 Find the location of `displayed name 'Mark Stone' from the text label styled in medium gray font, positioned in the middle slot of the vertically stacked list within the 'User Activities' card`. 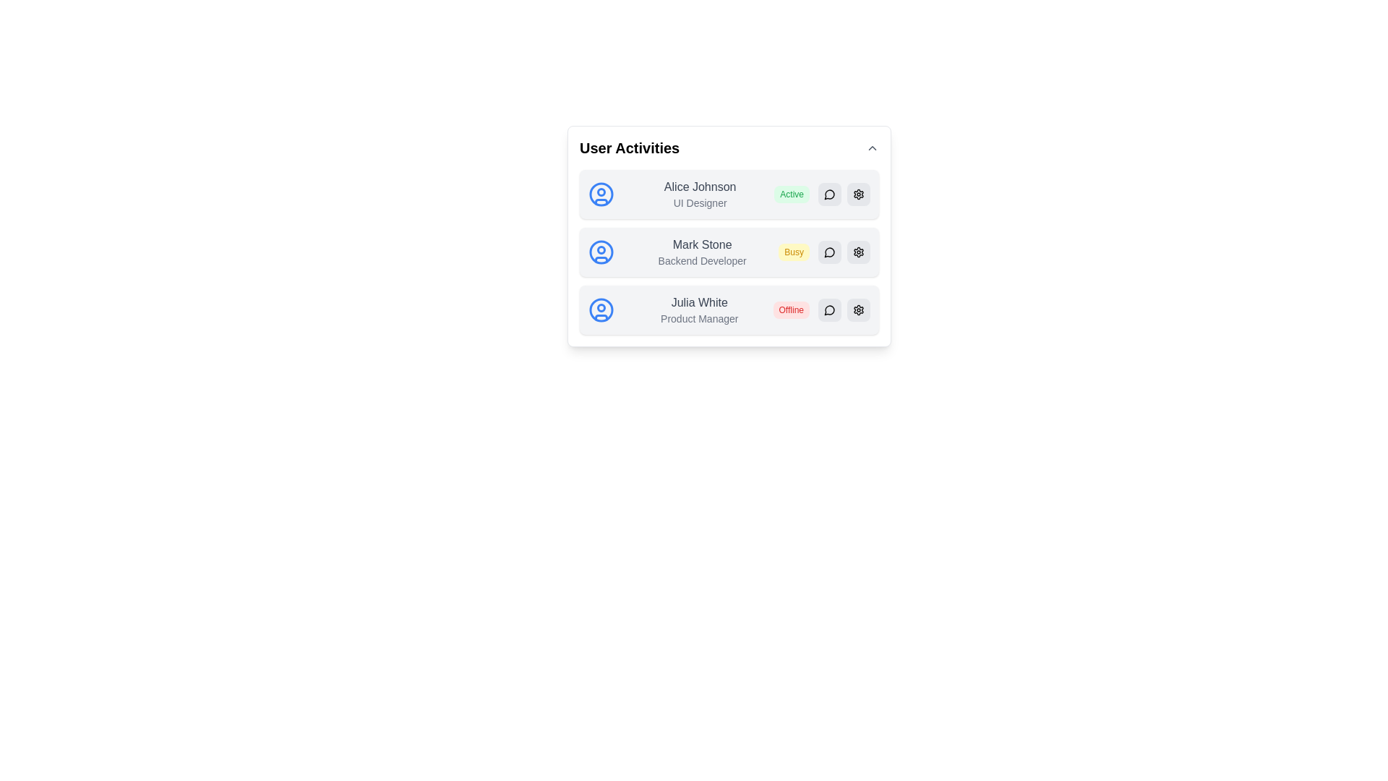

displayed name 'Mark Stone' from the text label styled in medium gray font, positioned in the middle slot of the vertically stacked list within the 'User Activities' card is located at coordinates (702, 244).